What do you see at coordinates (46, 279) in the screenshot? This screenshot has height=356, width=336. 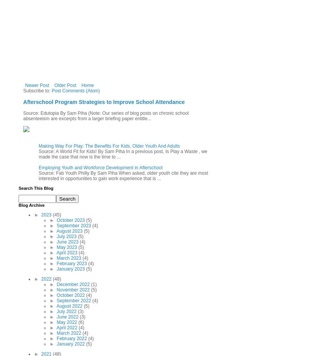 I see `'2022'` at bounding box center [46, 279].